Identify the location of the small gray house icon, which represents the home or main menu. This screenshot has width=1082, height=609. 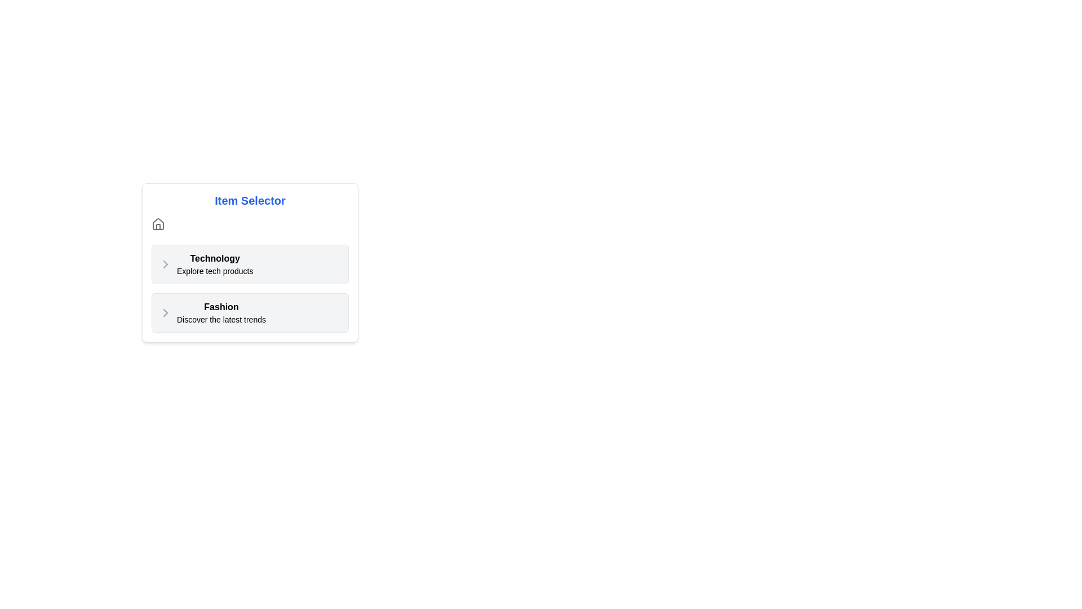
(158, 224).